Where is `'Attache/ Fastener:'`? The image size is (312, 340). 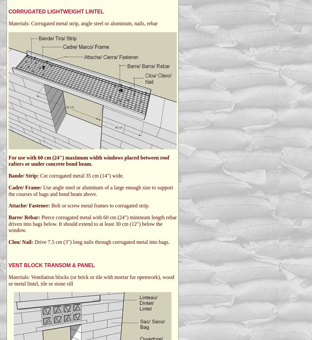 'Attache/ Fastener:' is located at coordinates (30, 205).